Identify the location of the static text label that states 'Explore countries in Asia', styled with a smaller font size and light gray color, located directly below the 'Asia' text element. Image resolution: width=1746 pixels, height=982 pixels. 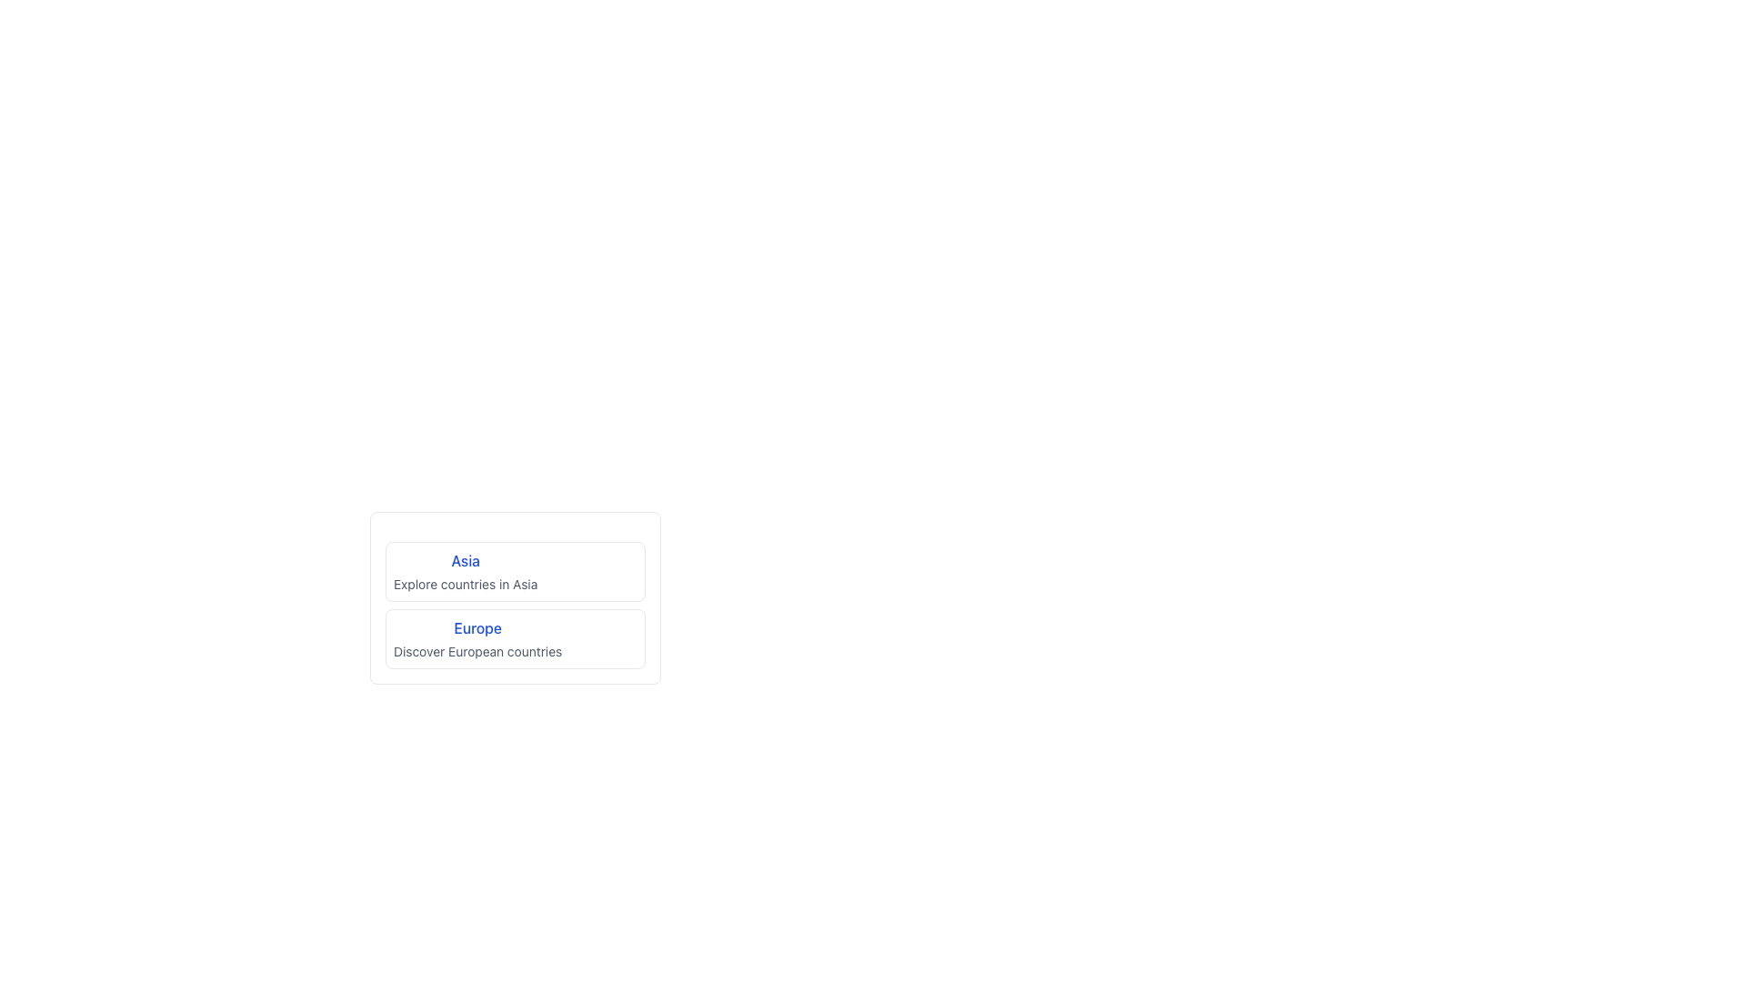
(466, 585).